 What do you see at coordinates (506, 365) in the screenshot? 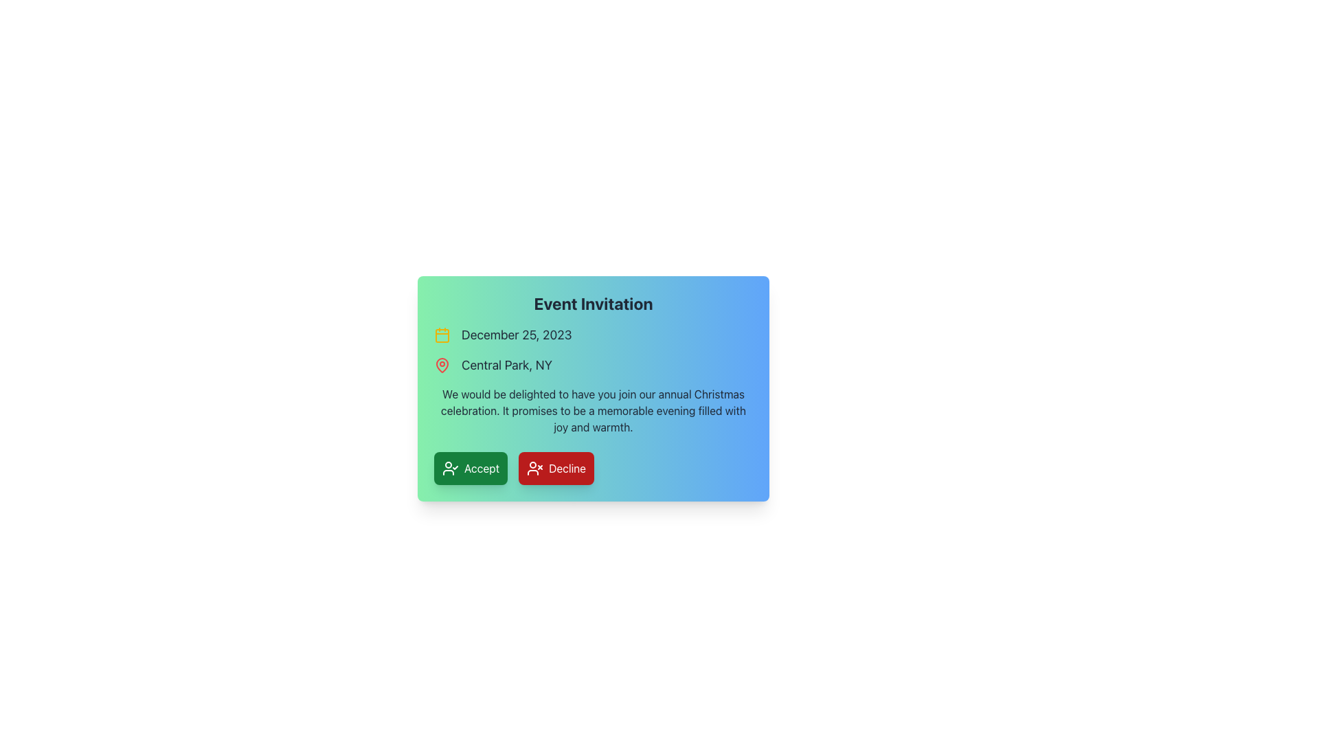
I see `the text label displaying 'Central Park, NY' which is centrally positioned beneath the event date and next to the location pin icon` at bounding box center [506, 365].